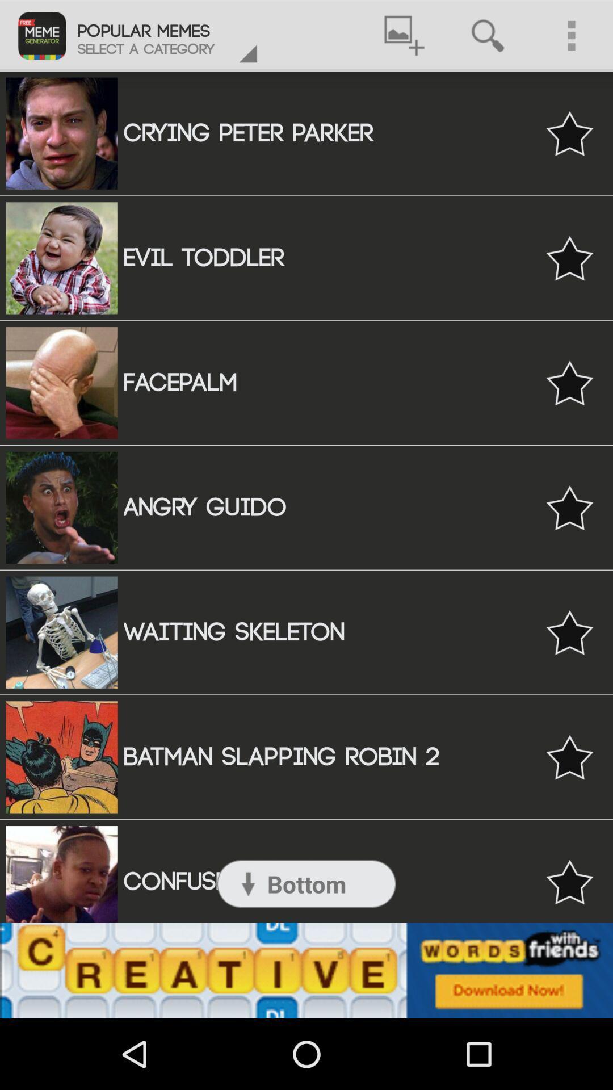 This screenshot has width=613, height=1090. I want to click on a specific meme, so click(569, 757).